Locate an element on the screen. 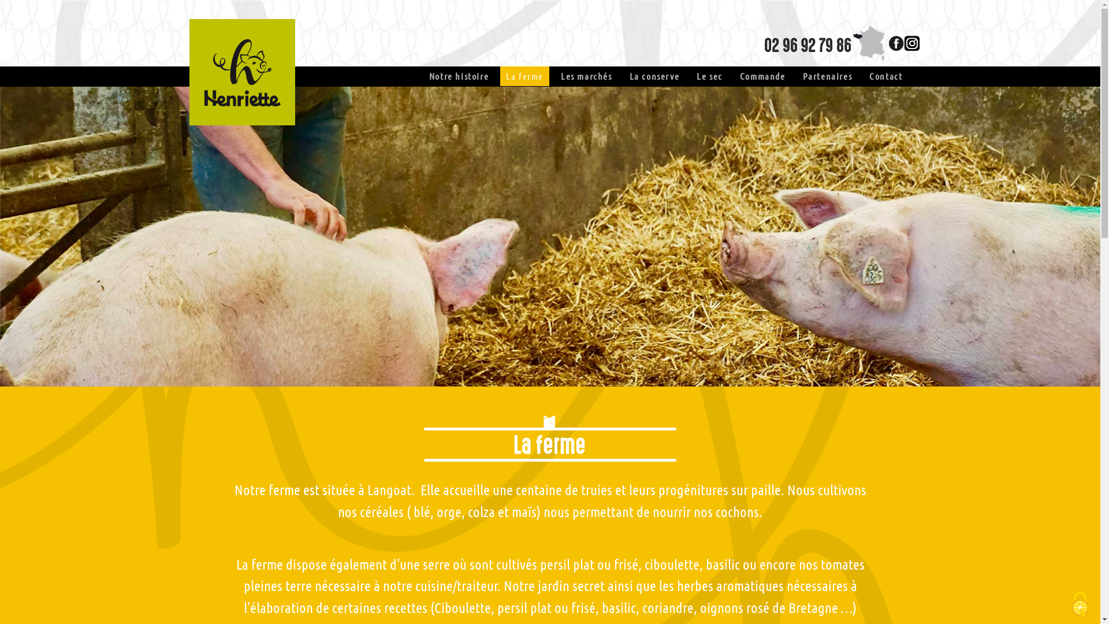 The width and height of the screenshot is (1109, 624). 'Cookies (modal window)' is located at coordinates (1080, 604).